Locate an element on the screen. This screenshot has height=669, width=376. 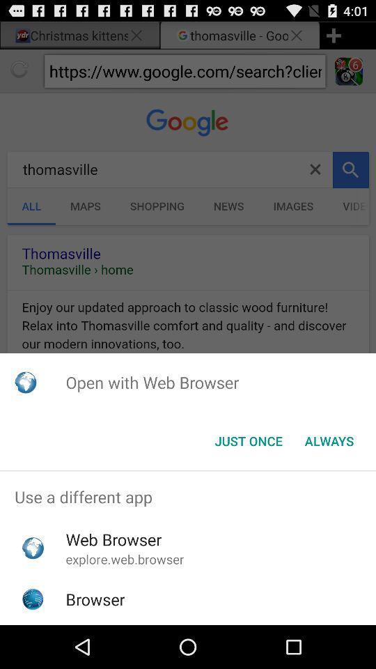
the button to the left of the always icon is located at coordinates (248, 440).